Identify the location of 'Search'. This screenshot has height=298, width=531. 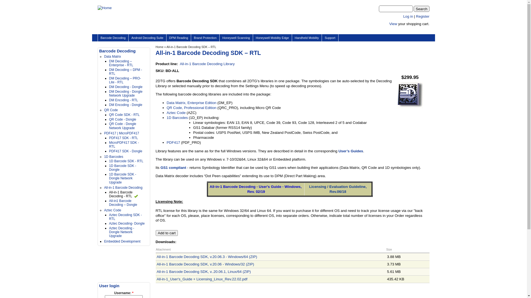
(421, 9).